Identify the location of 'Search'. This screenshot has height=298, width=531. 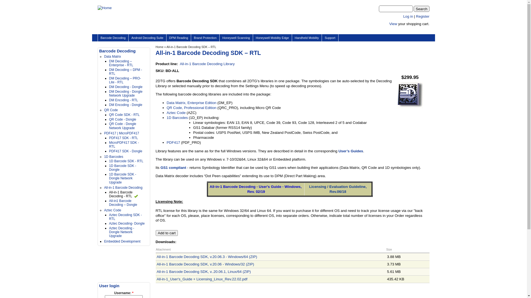
(421, 9).